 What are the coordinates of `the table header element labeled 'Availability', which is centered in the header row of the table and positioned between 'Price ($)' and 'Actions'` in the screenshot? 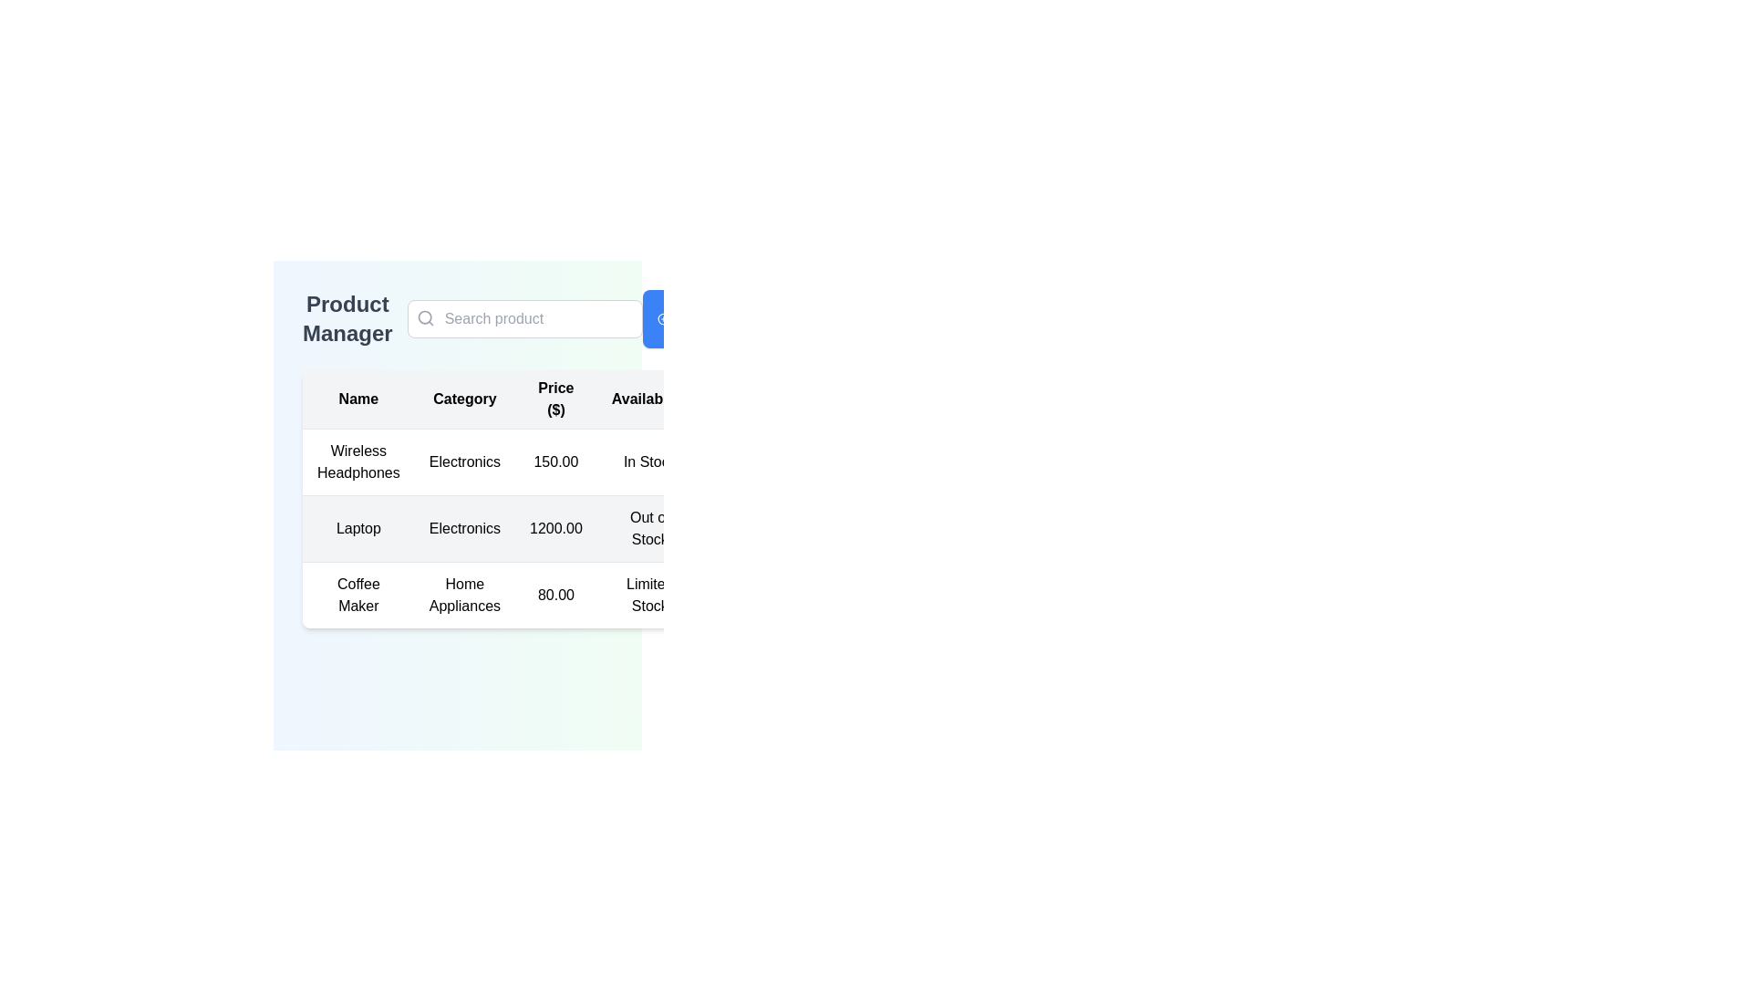 It's located at (649, 399).